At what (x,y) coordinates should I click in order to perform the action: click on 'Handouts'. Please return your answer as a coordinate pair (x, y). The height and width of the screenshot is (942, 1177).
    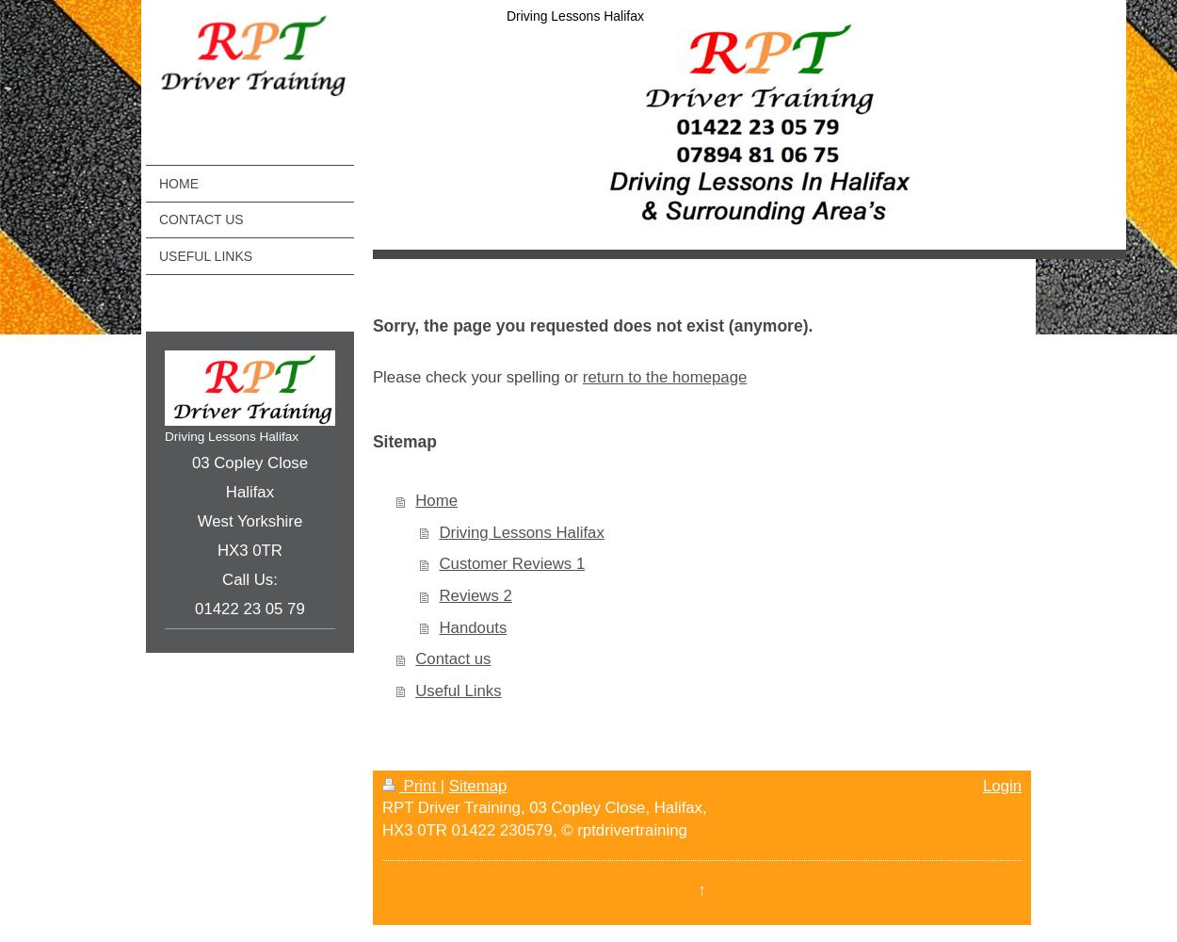
    Looking at the image, I should click on (473, 626).